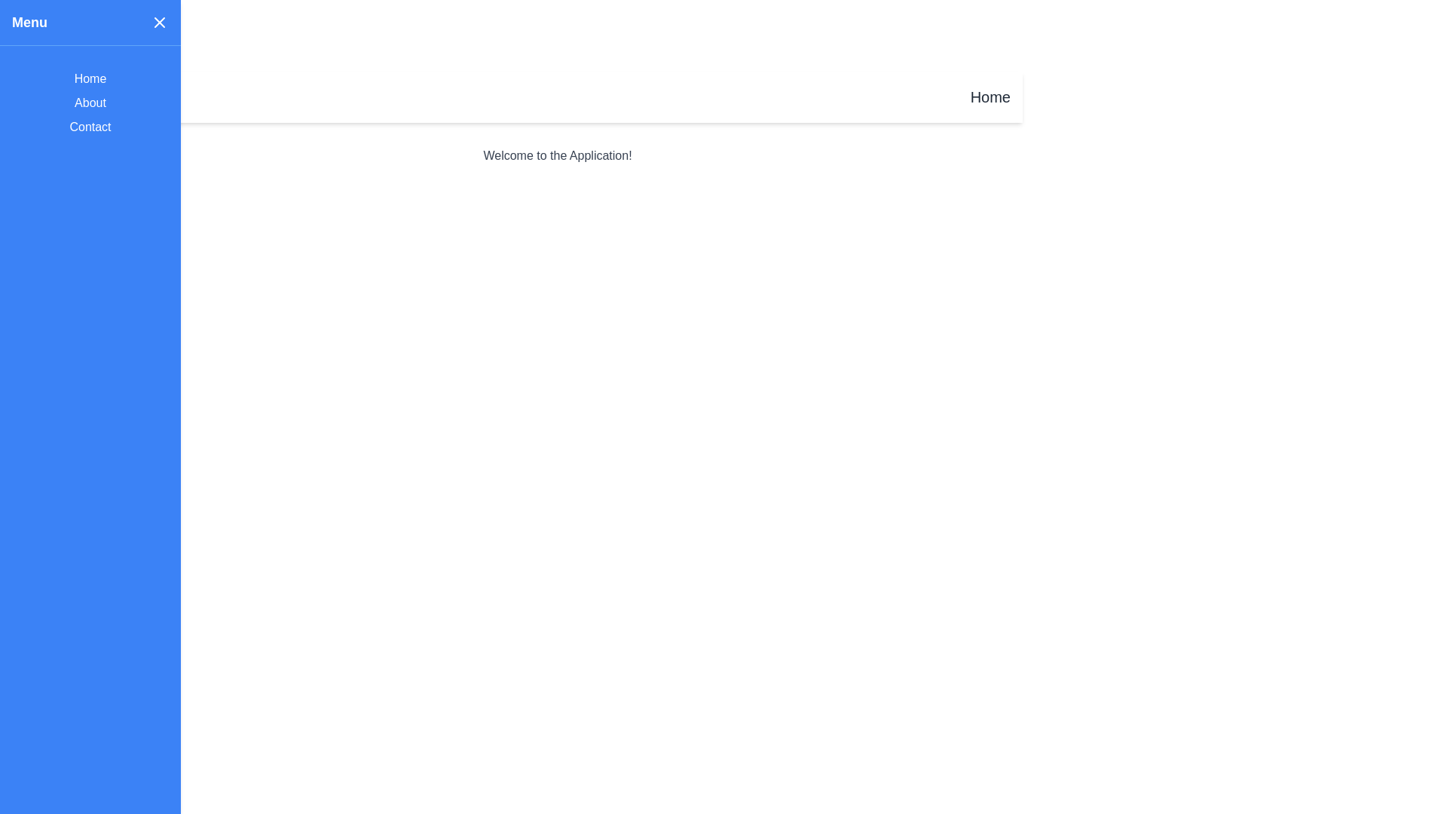 This screenshot has height=814, width=1447. Describe the element at coordinates (159, 23) in the screenshot. I see `the close button represented by a slanted cross symbol inside a square` at that location.